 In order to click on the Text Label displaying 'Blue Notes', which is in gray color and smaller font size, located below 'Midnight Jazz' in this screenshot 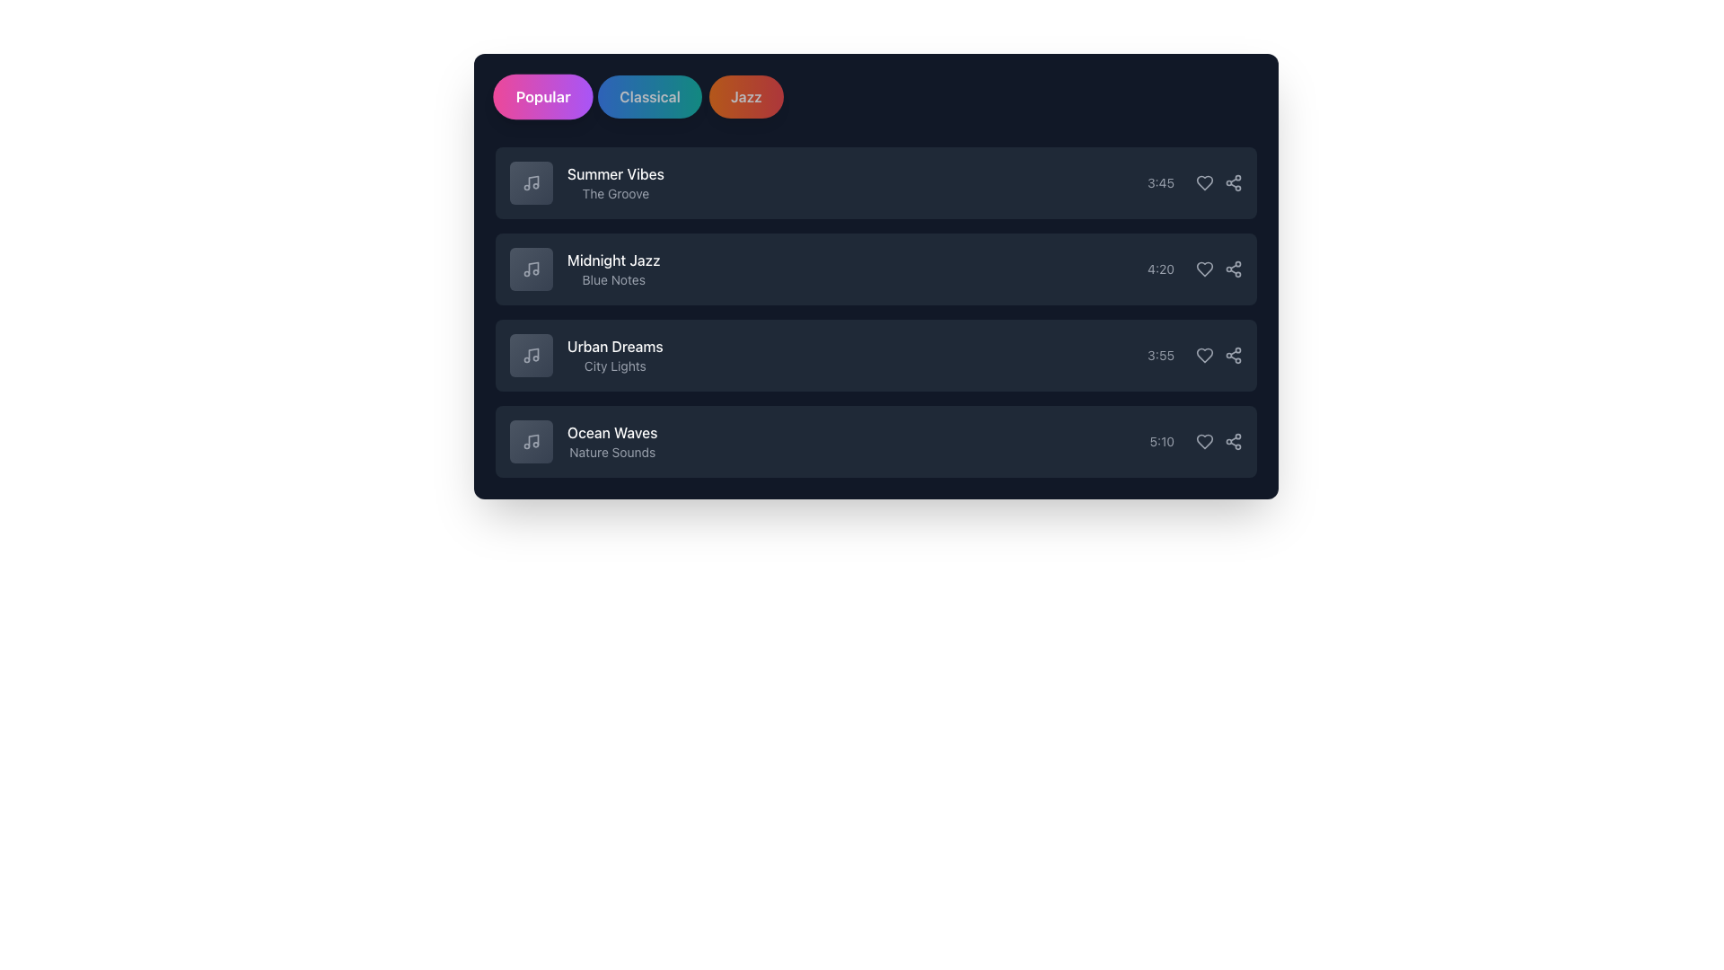, I will do `click(613, 280)`.